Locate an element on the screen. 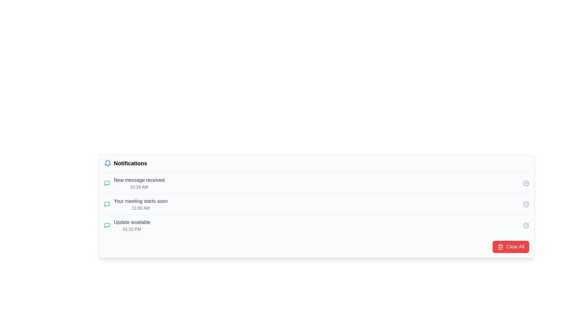 This screenshot has width=586, height=330. the trash bin icon within the 'Clear All' button located at the far-right side of the notification panel is located at coordinates (501, 246).